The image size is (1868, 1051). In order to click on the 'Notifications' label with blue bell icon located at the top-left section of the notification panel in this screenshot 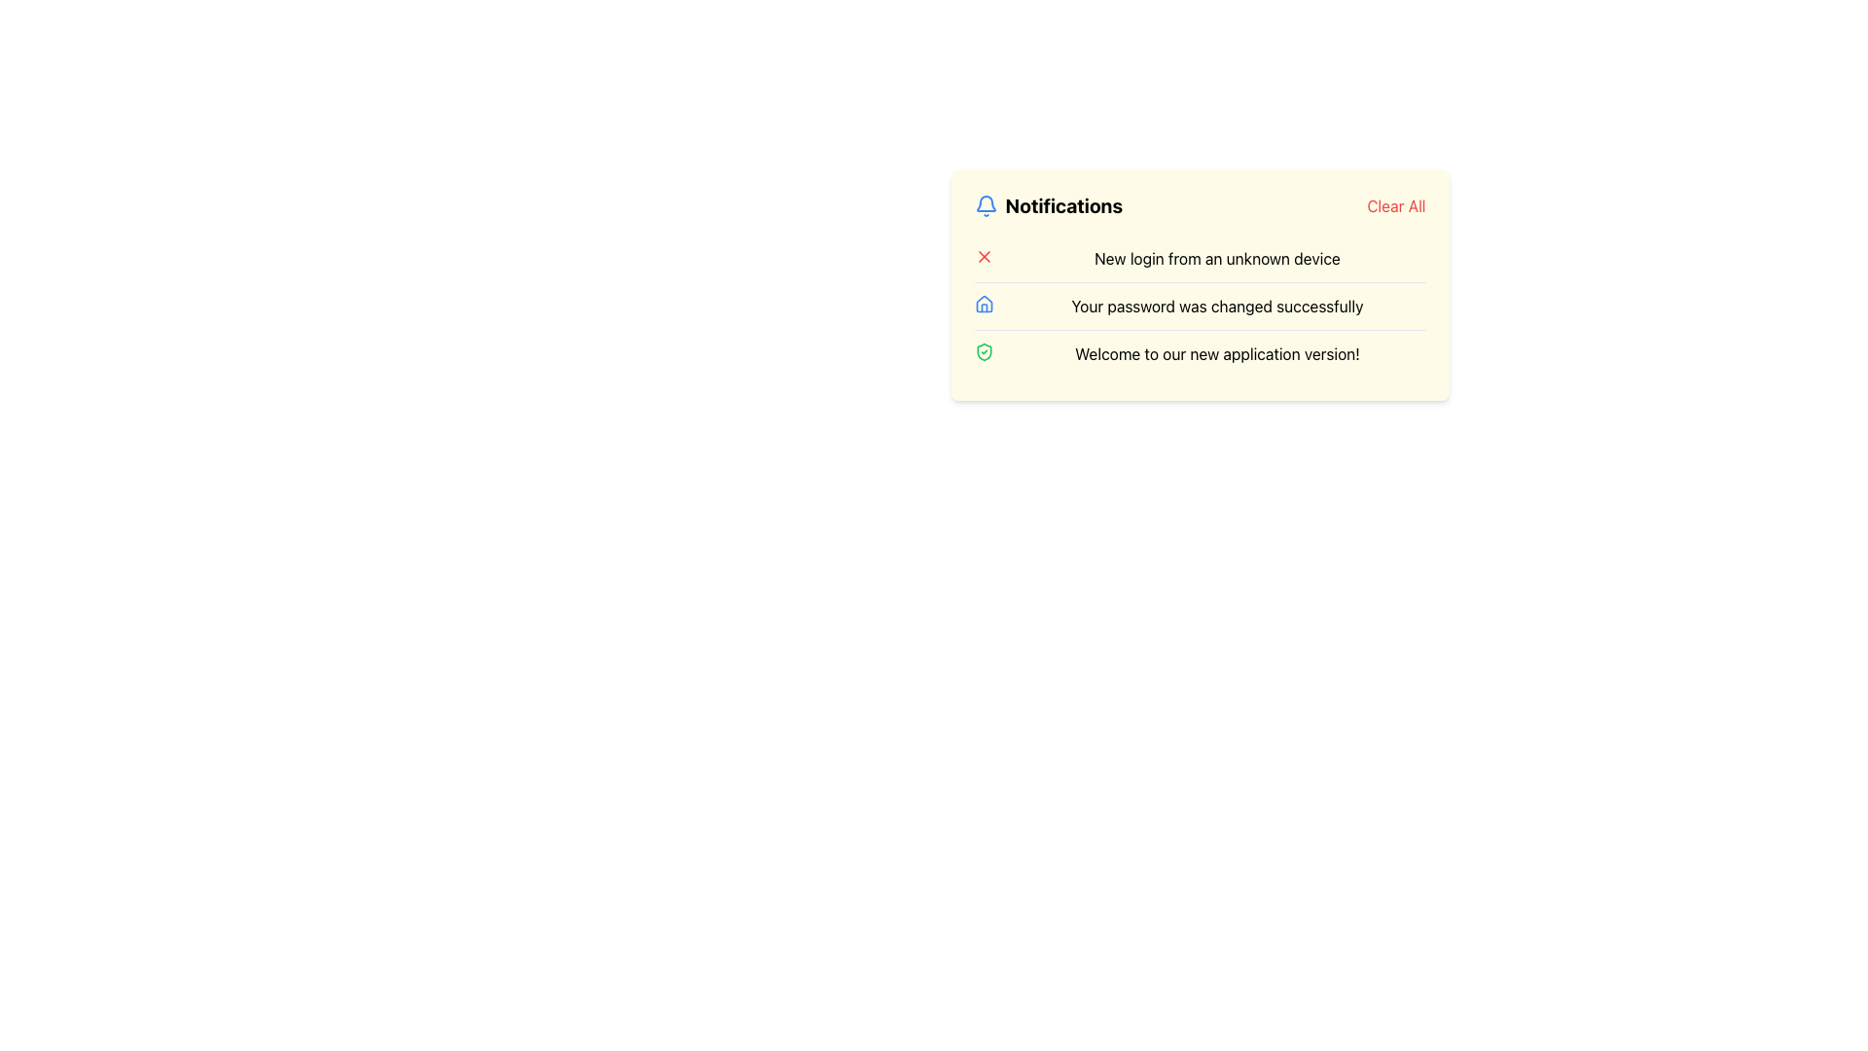, I will do `click(1047, 206)`.